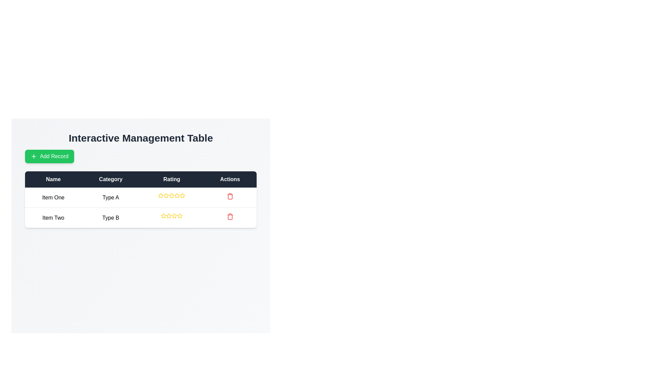 Image resolution: width=650 pixels, height=365 pixels. Describe the element at coordinates (140, 197) in the screenshot. I see `the first row of the 'Interactive Management Table' that displays detailed information about 'Item One of Type A' for inline editing` at that location.